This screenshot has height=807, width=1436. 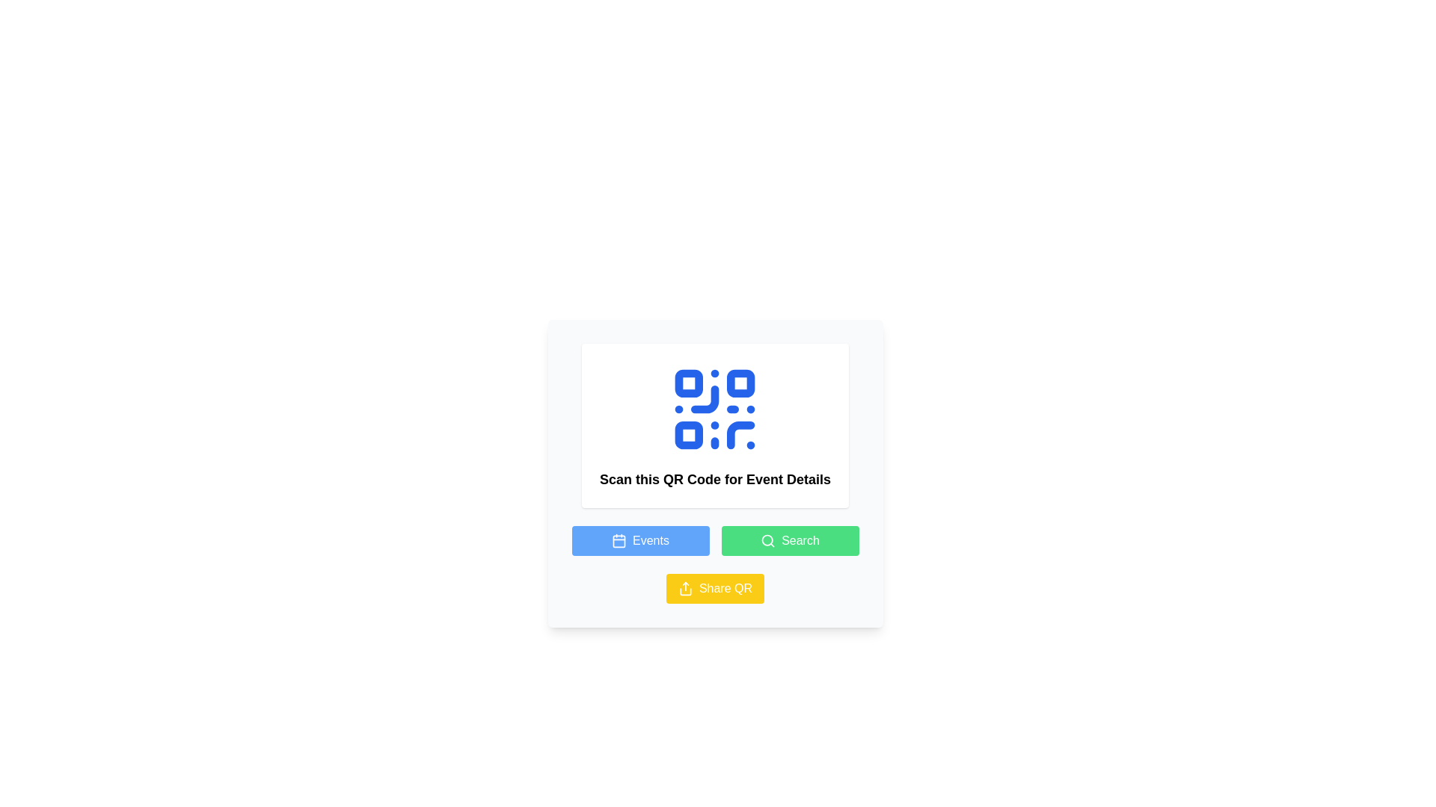 What do you see at coordinates (714, 409) in the screenshot?
I see `the blue QR code graphic prominently displayed at the top of the card interface, above the text 'Scan this QR Code for Event Details.'` at bounding box center [714, 409].